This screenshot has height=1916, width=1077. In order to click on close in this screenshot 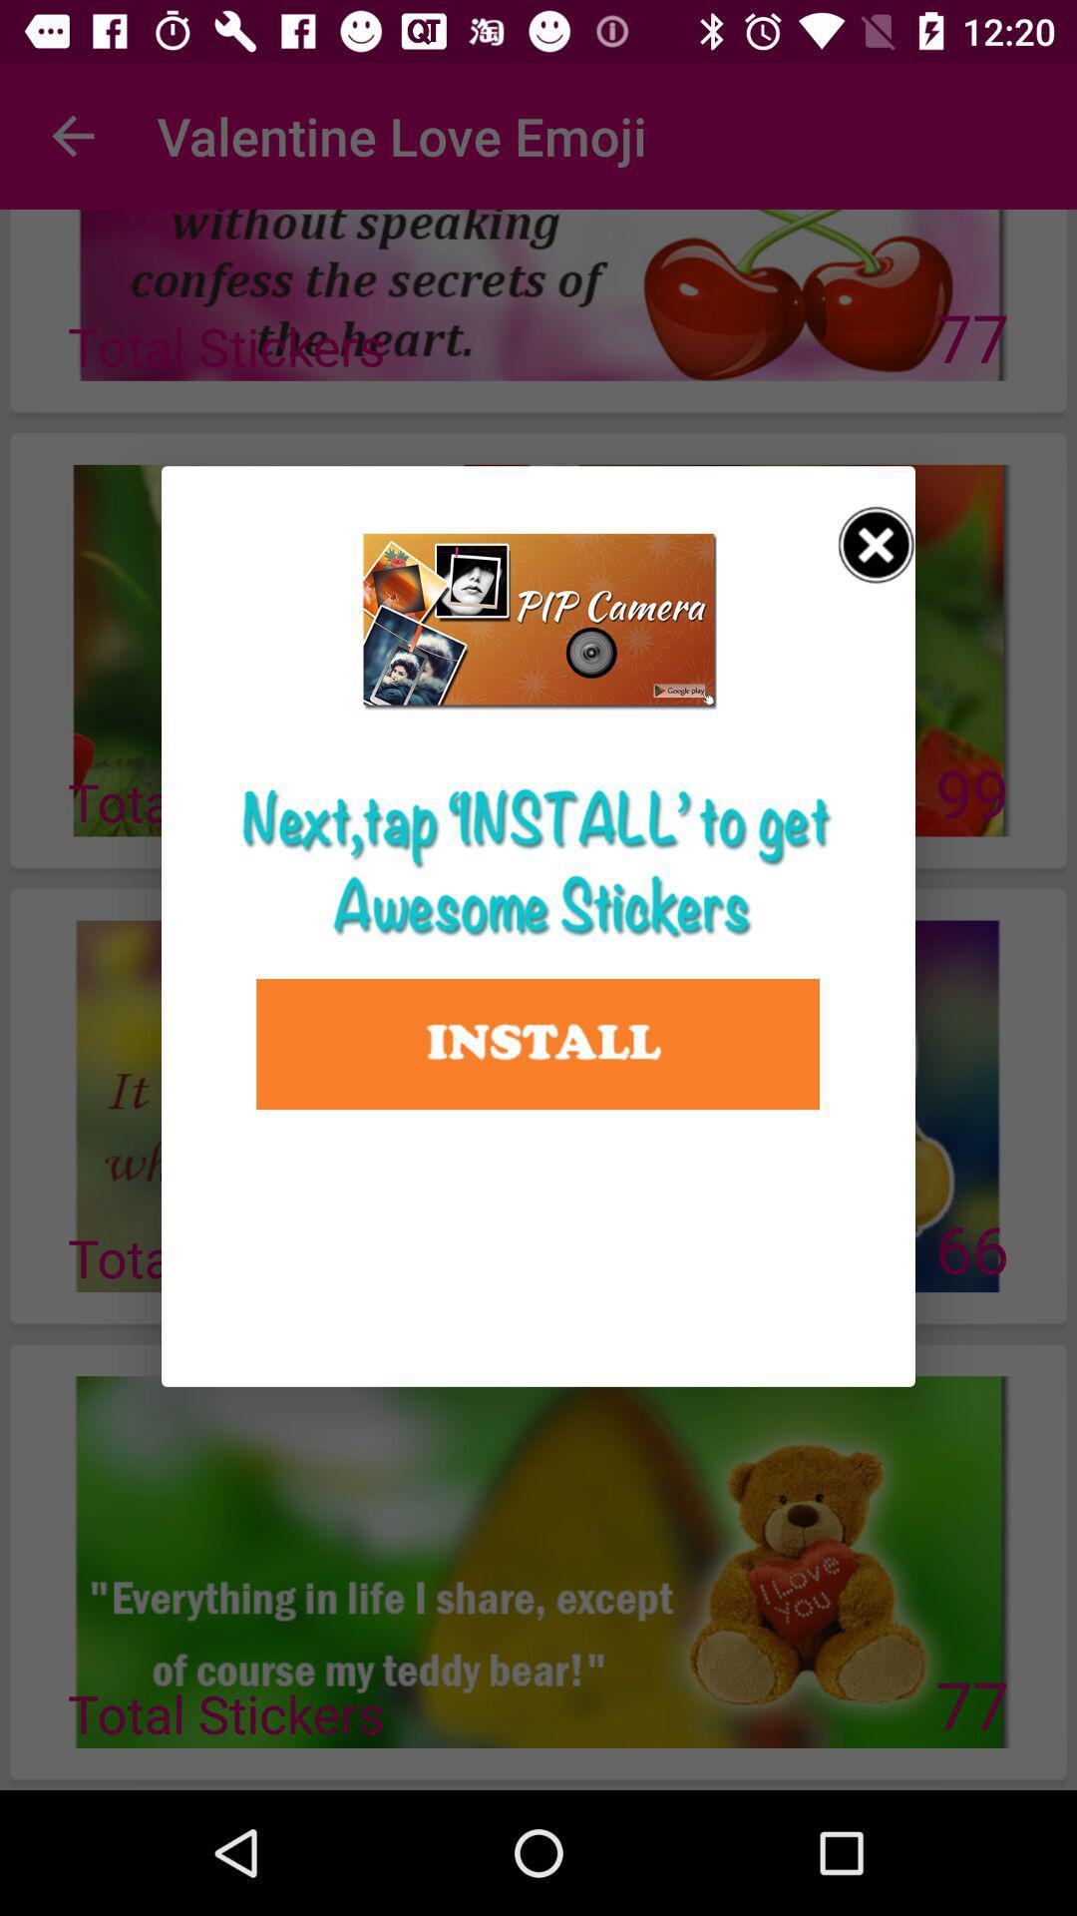, I will do `click(876, 545)`.